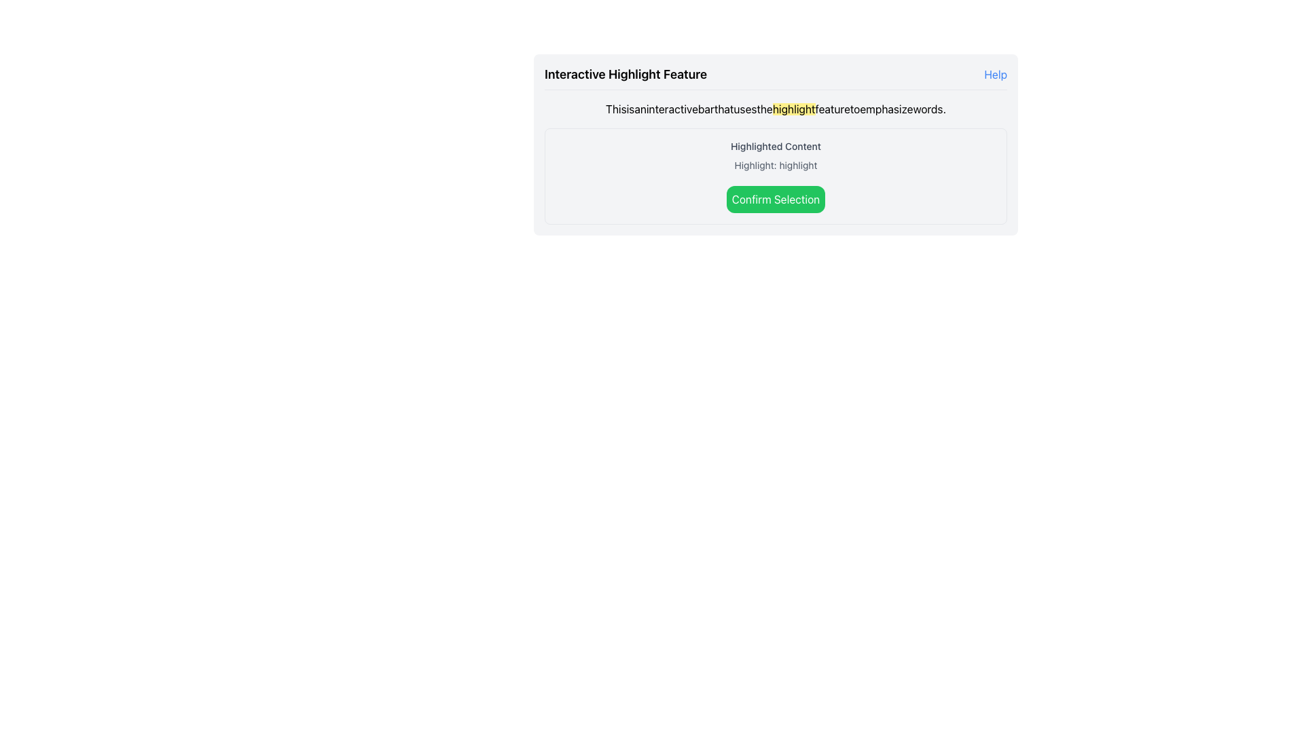  What do you see at coordinates (615, 109) in the screenshot?
I see `text element at the beginning of the sentence 'This is an interactive bar that uses the highlight feature to emphasize words.'` at bounding box center [615, 109].